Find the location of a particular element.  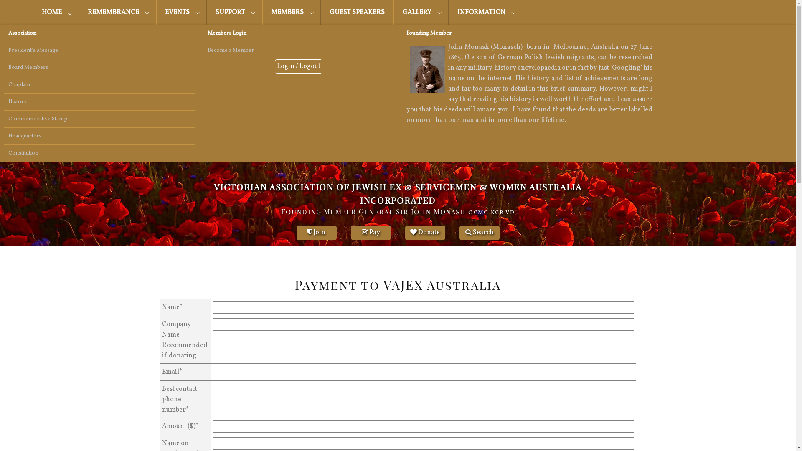

'Headquarters' is located at coordinates (99, 136).